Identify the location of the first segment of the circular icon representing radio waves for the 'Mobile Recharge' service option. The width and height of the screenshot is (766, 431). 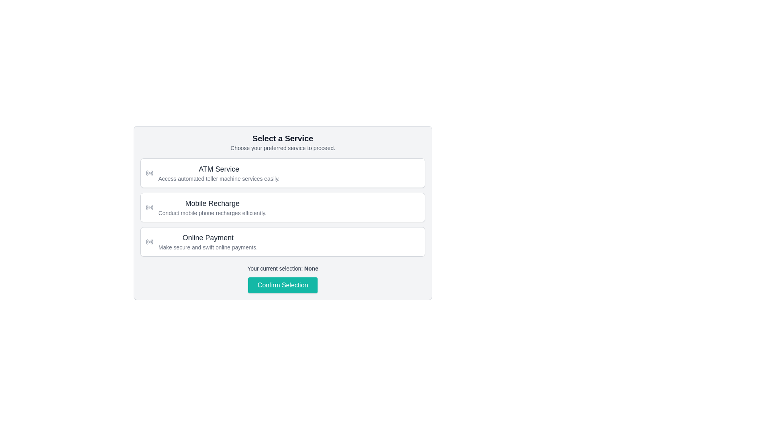
(146, 207).